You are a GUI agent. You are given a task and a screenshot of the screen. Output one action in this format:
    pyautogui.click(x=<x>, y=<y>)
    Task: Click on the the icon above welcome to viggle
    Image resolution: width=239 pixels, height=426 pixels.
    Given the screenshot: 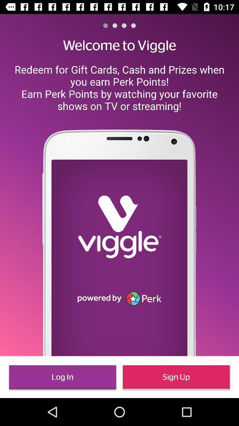 What is the action you would take?
    pyautogui.click(x=133, y=25)
    